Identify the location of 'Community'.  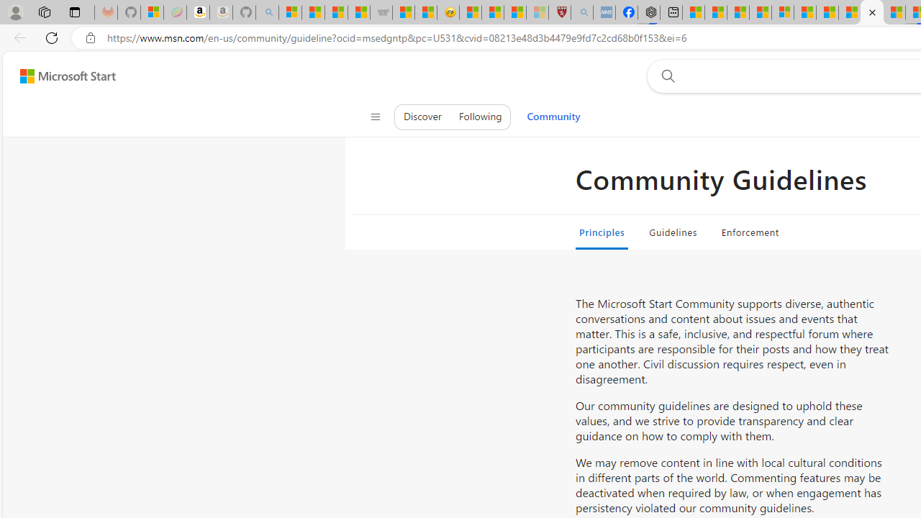
(553, 116).